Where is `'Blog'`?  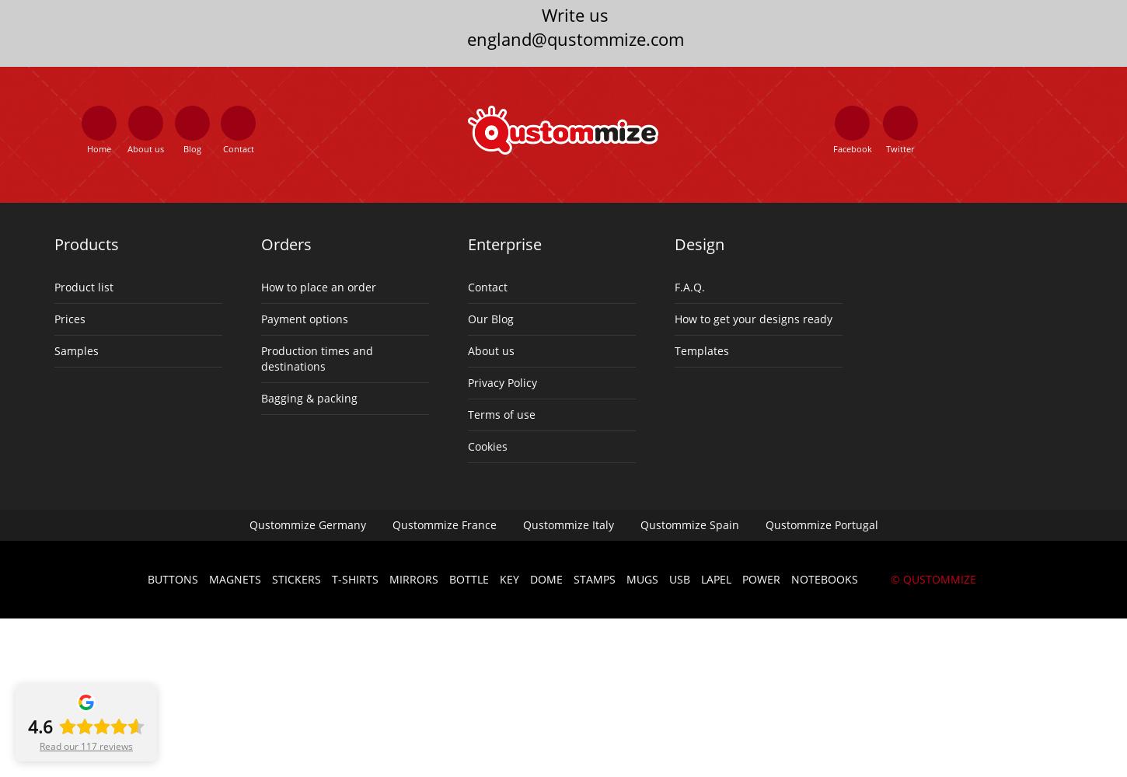
'Blog' is located at coordinates (192, 148).